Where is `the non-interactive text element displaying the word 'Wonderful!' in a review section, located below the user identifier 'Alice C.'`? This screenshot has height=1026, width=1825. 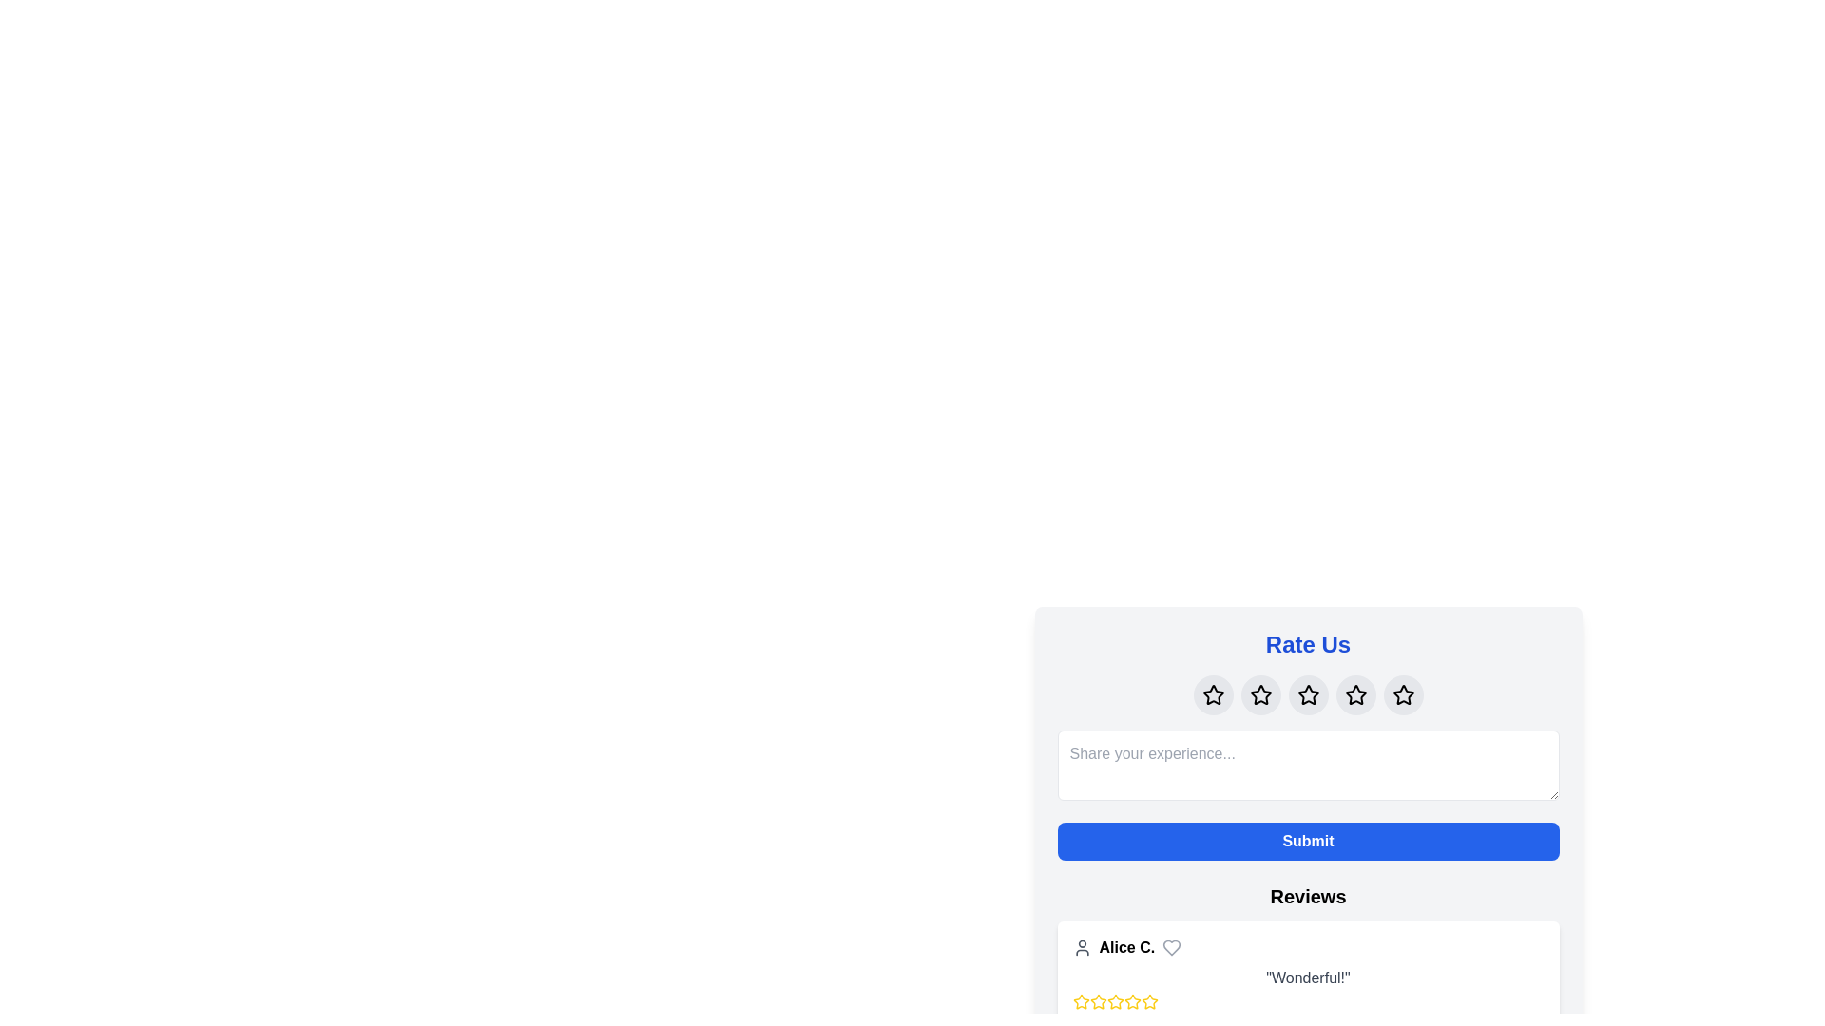
the non-interactive text element displaying the word 'Wonderful!' in a review section, located below the user identifier 'Alice C.' is located at coordinates (1307, 978).